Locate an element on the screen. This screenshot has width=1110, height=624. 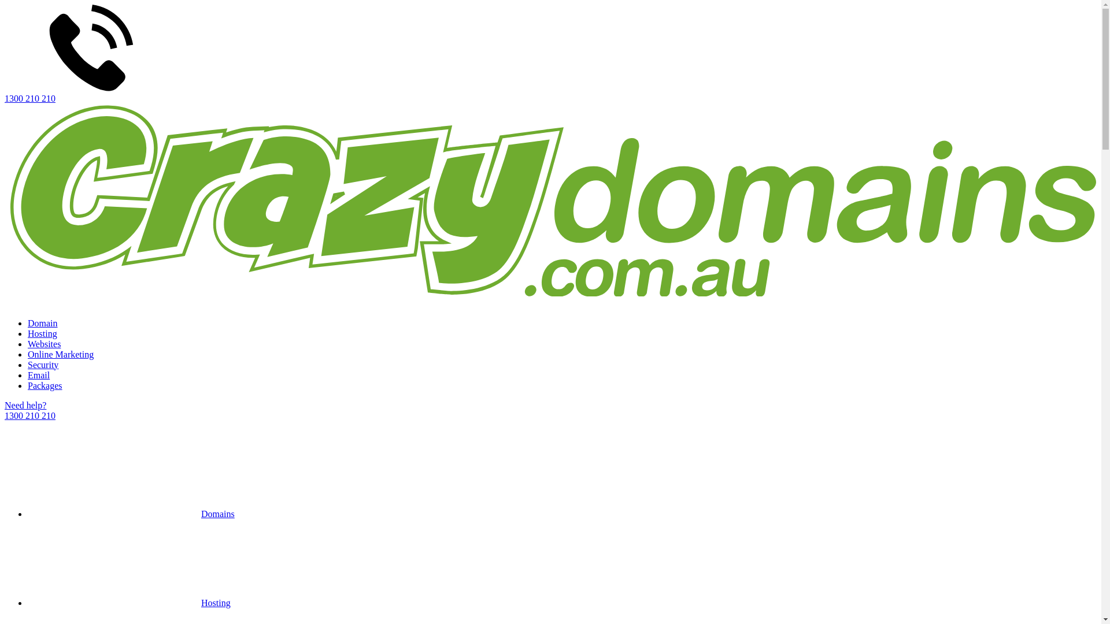
'Need help? is located at coordinates (550, 410).